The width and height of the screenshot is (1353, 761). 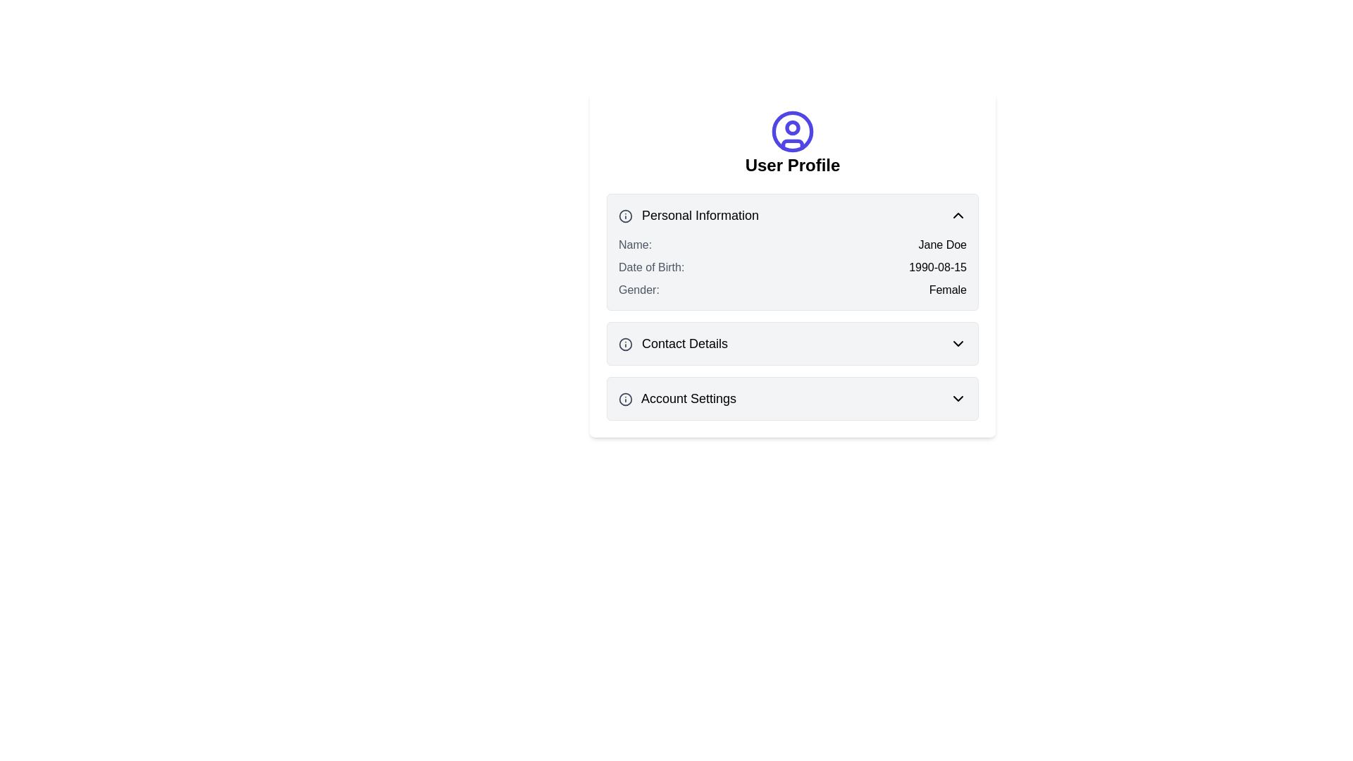 I want to click on the chevron icon located at the rightmost position of the 'Contact Details' header section, so click(x=958, y=344).